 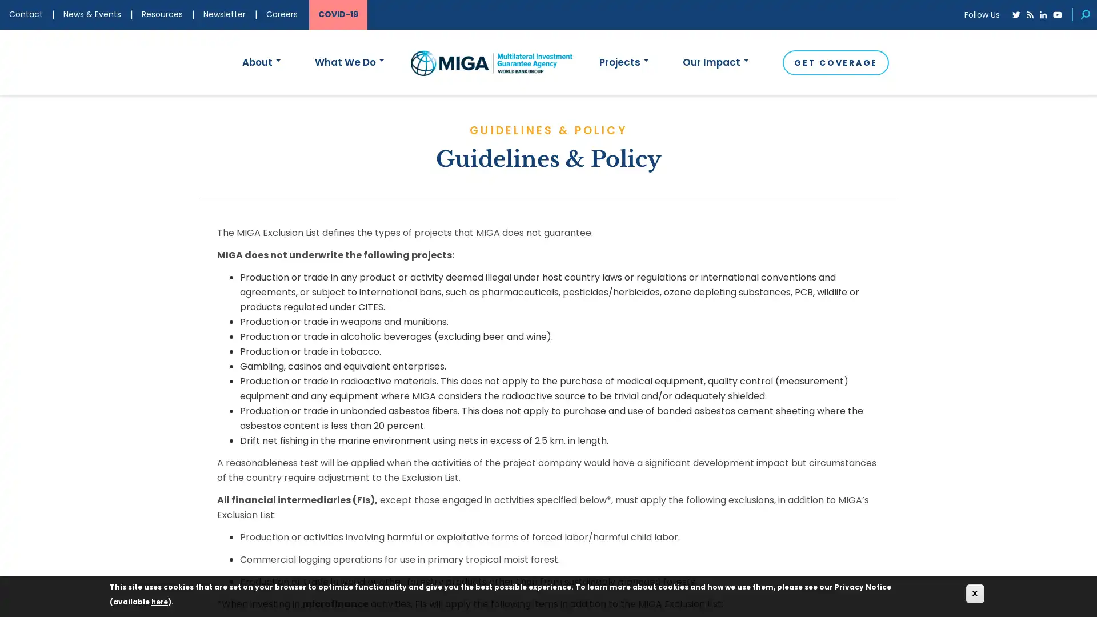 What do you see at coordinates (975, 593) in the screenshot?
I see `X` at bounding box center [975, 593].